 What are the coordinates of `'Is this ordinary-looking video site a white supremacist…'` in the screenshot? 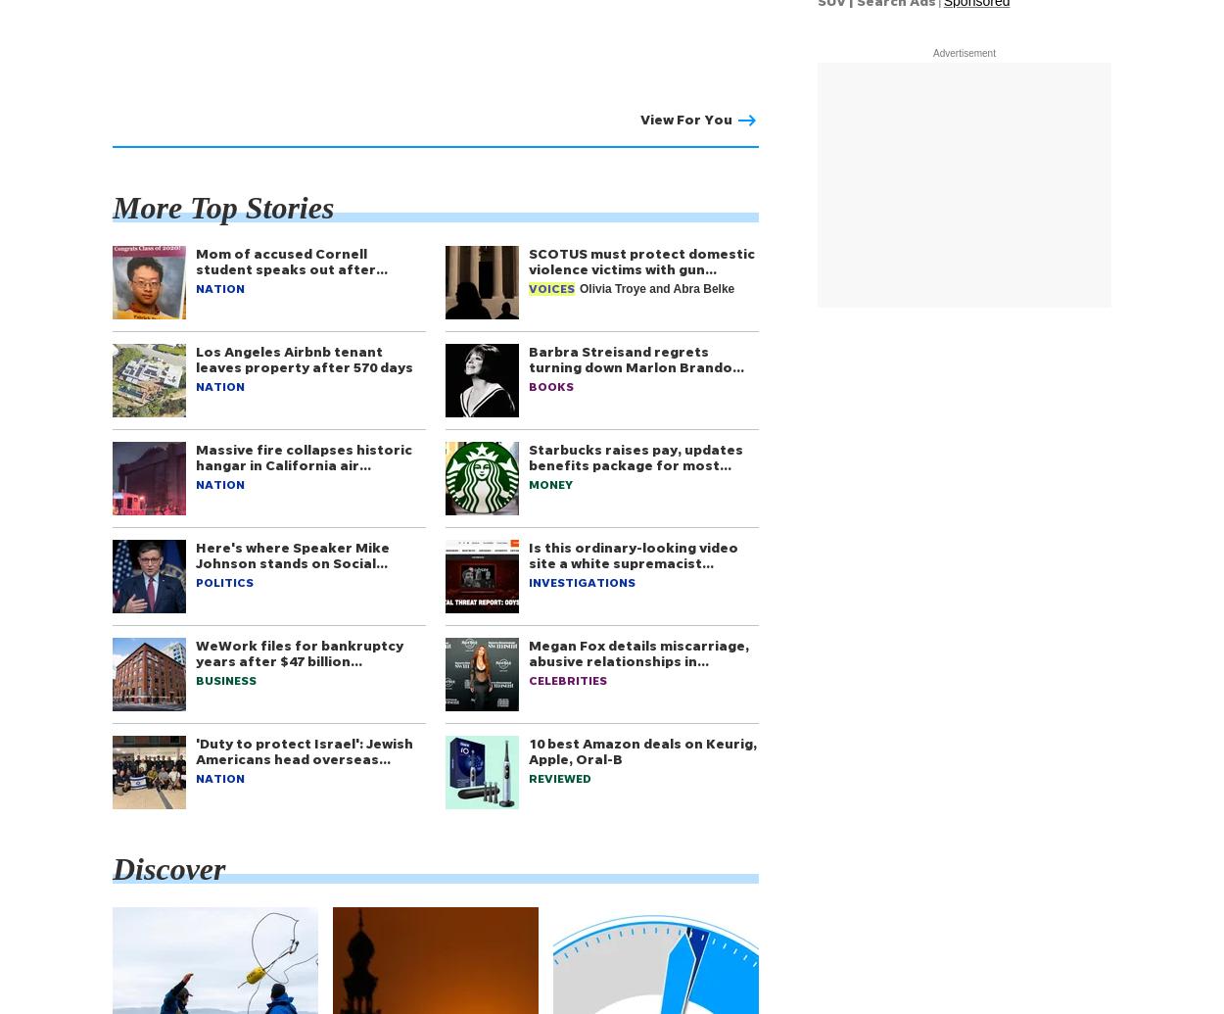 It's located at (633, 554).